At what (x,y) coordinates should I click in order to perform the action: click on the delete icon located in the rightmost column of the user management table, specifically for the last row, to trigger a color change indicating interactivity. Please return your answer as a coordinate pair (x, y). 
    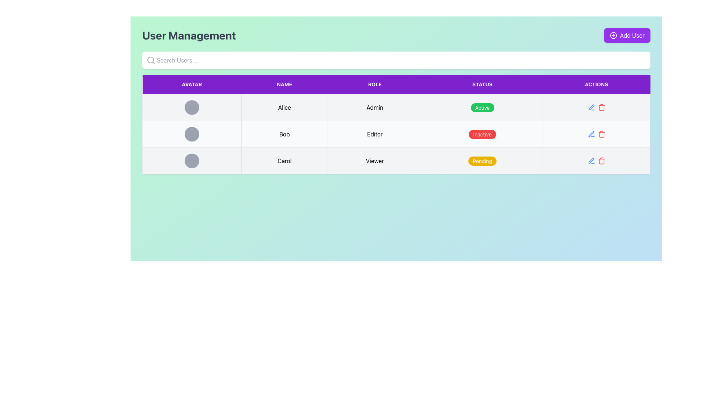
    Looking at the image, I should click on (601, 160).